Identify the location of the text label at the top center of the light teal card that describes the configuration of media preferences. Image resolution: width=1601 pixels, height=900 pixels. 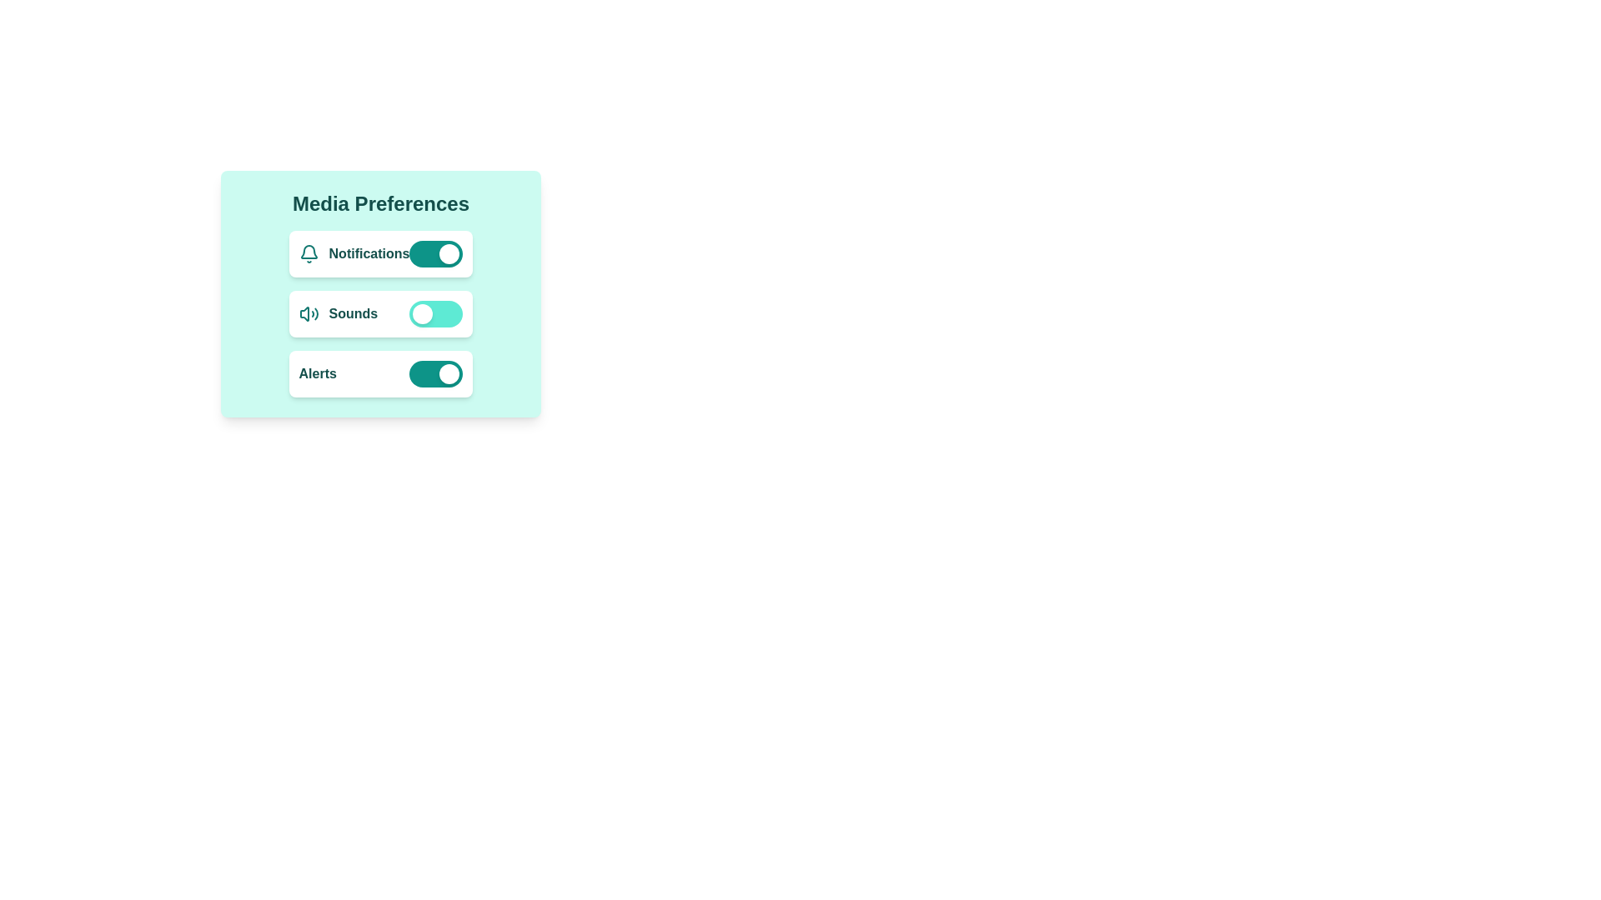
(379, 203).